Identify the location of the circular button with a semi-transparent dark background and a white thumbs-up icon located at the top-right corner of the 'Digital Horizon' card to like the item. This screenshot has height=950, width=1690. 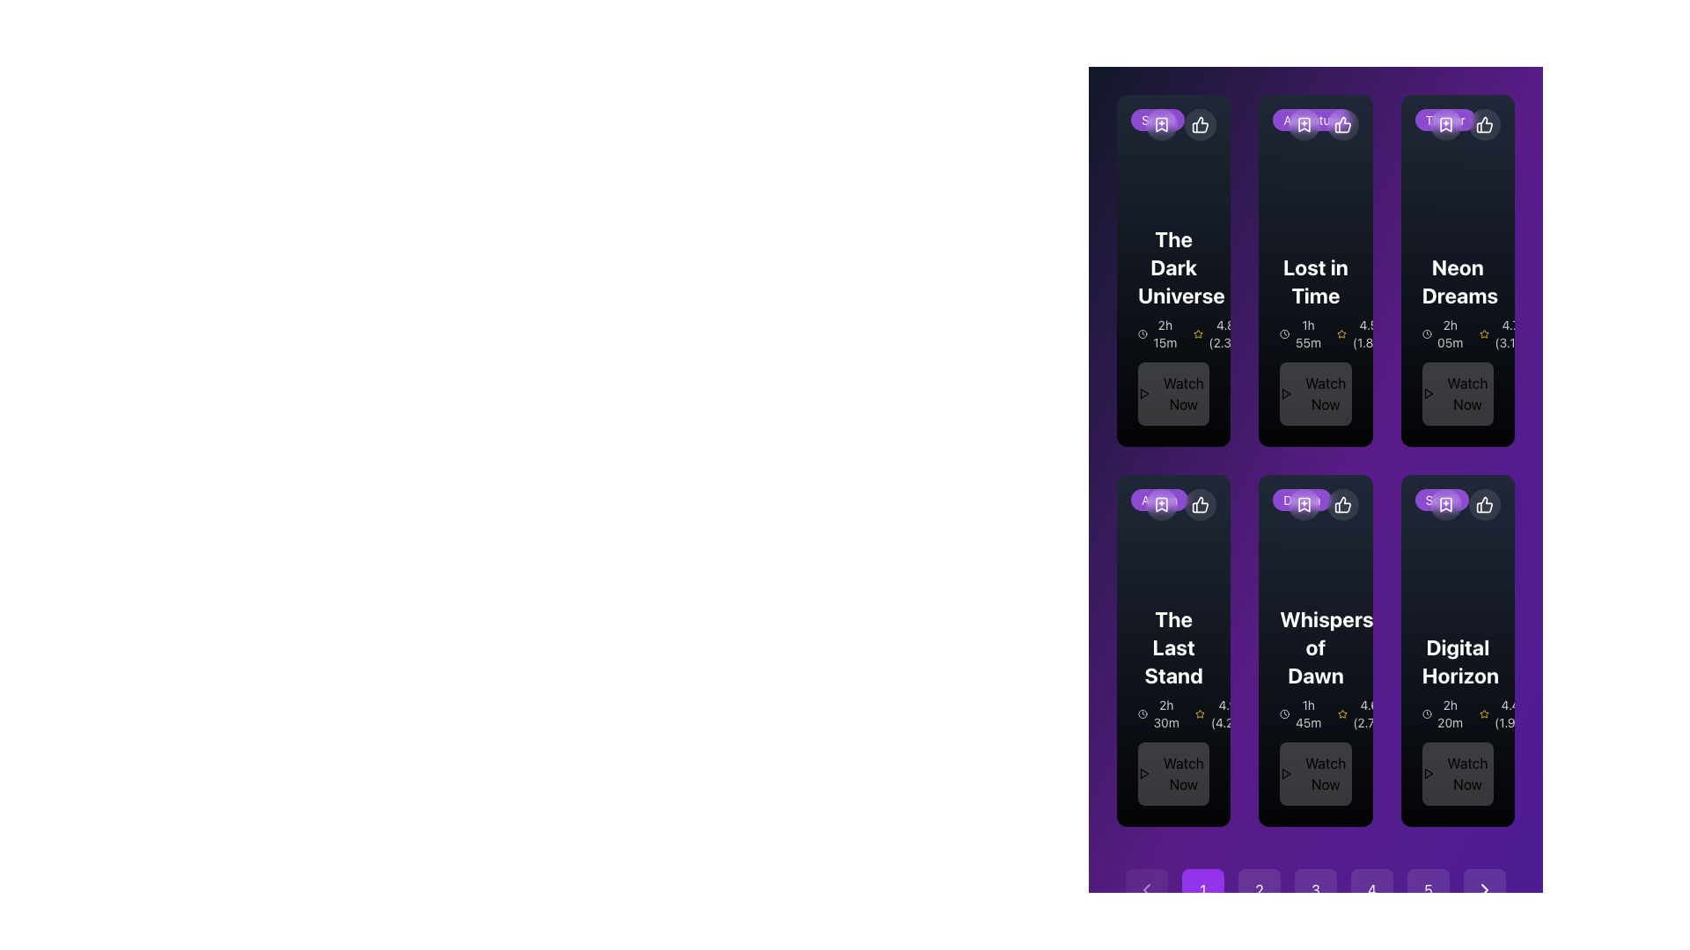
(1483, 505).